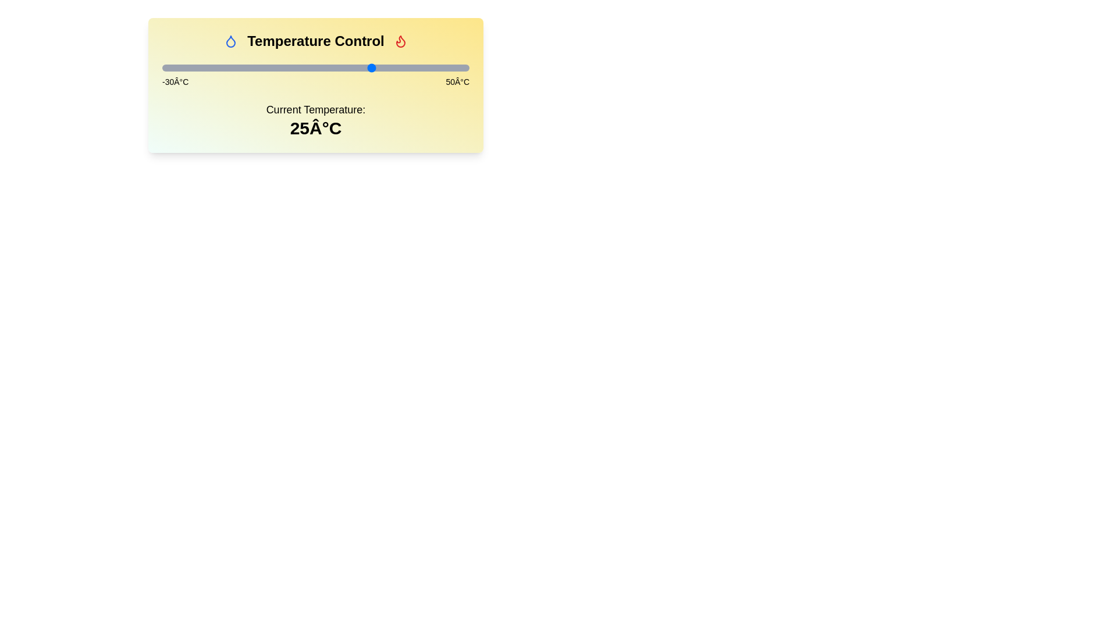  What do you see at coordinates (208, 67) in the screenshot?
I see `the slider to set the temperature to -18°C` at bounding box center [208, 67].